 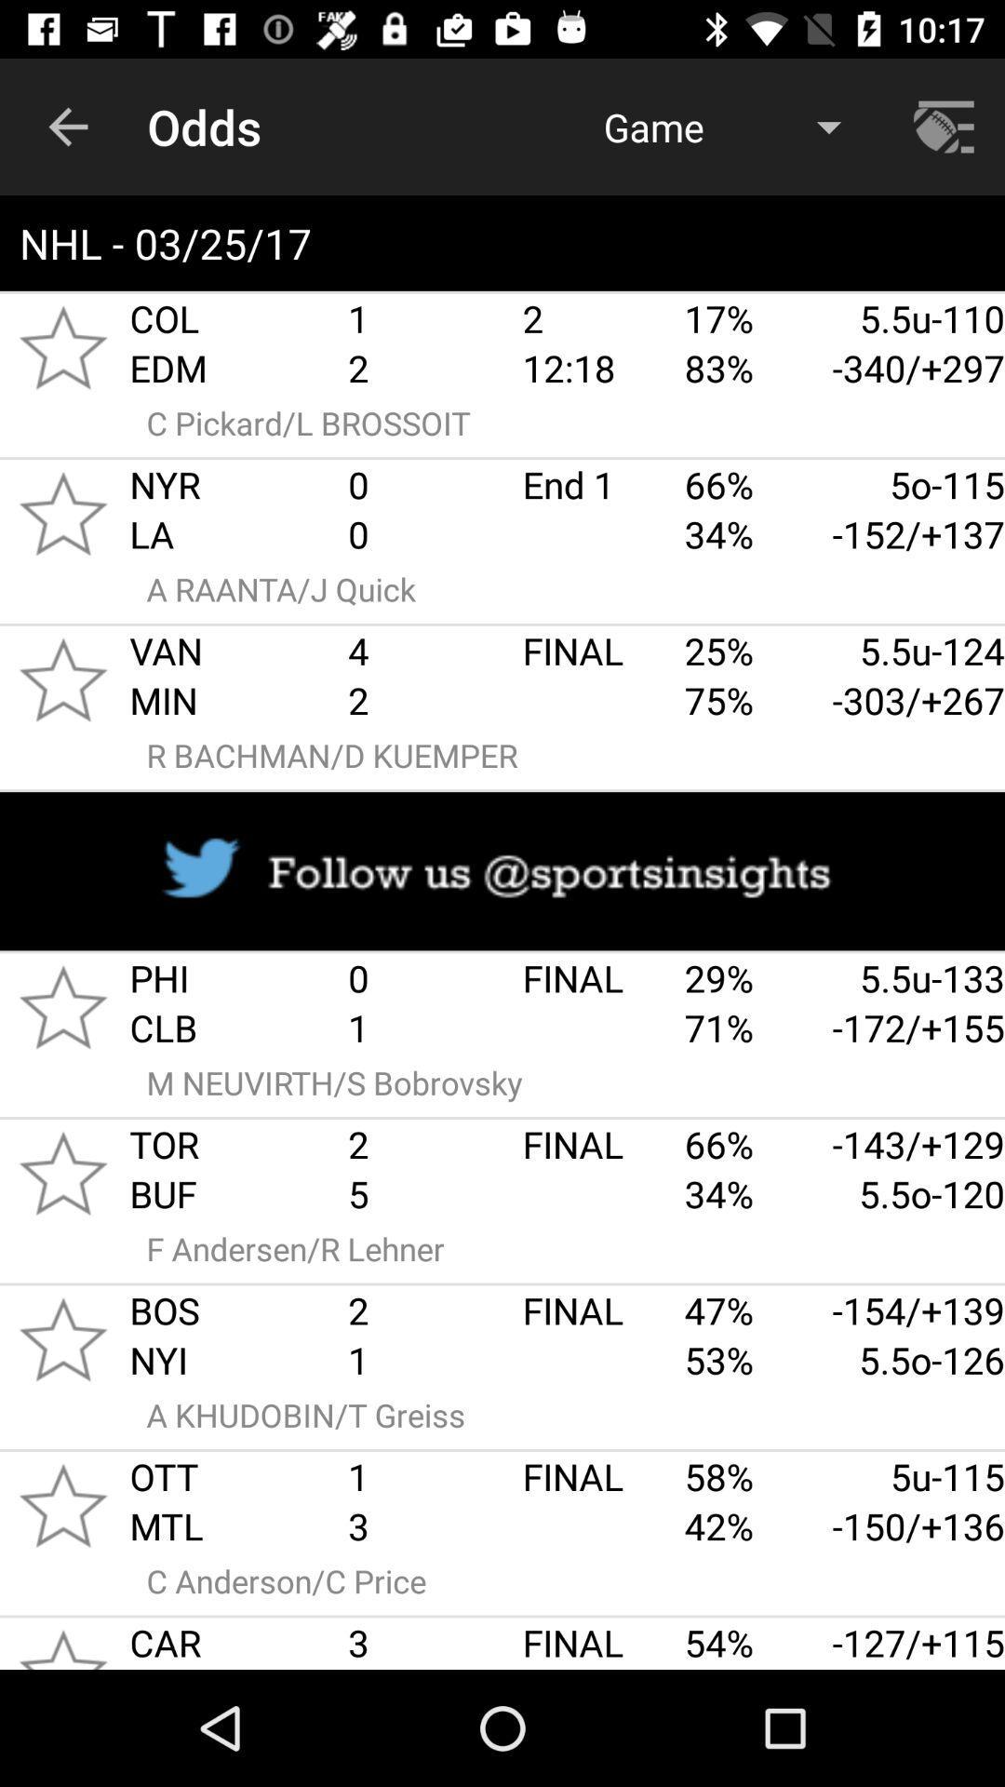 What do you see at coordinates (62, 1505) in the screenshot?
I see `option to select like` at bounding box center [62, 1505].